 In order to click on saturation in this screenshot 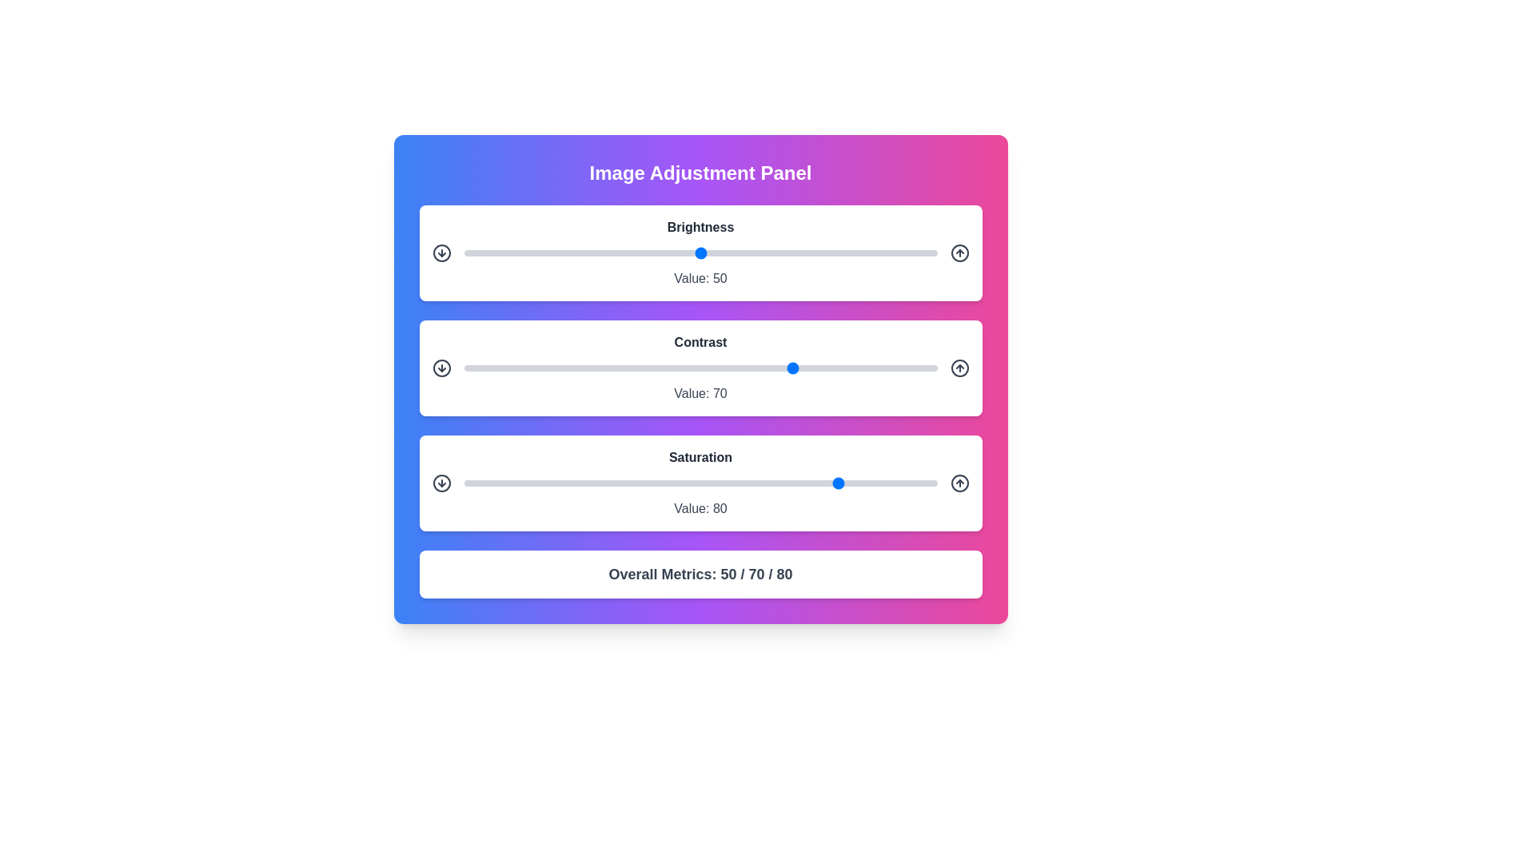, I will do `click(609, 483)`.